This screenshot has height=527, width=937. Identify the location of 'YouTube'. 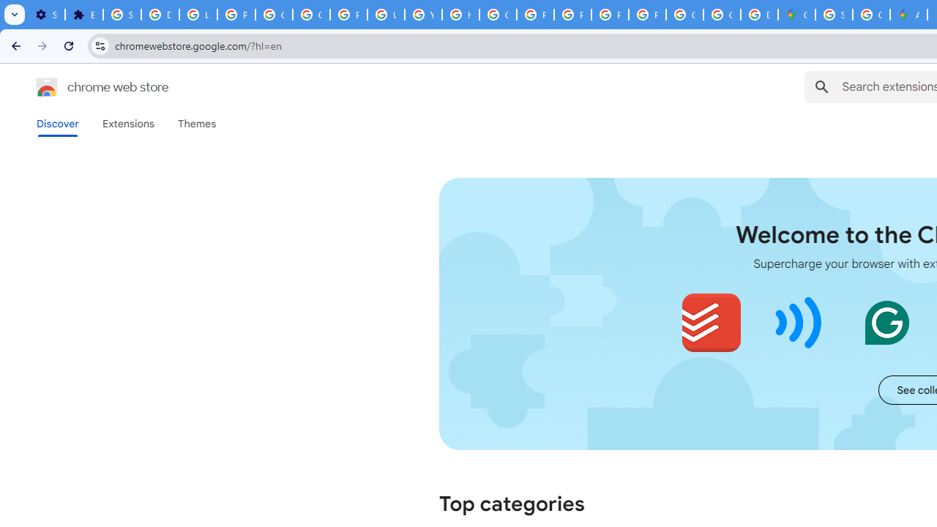
(422, 15).